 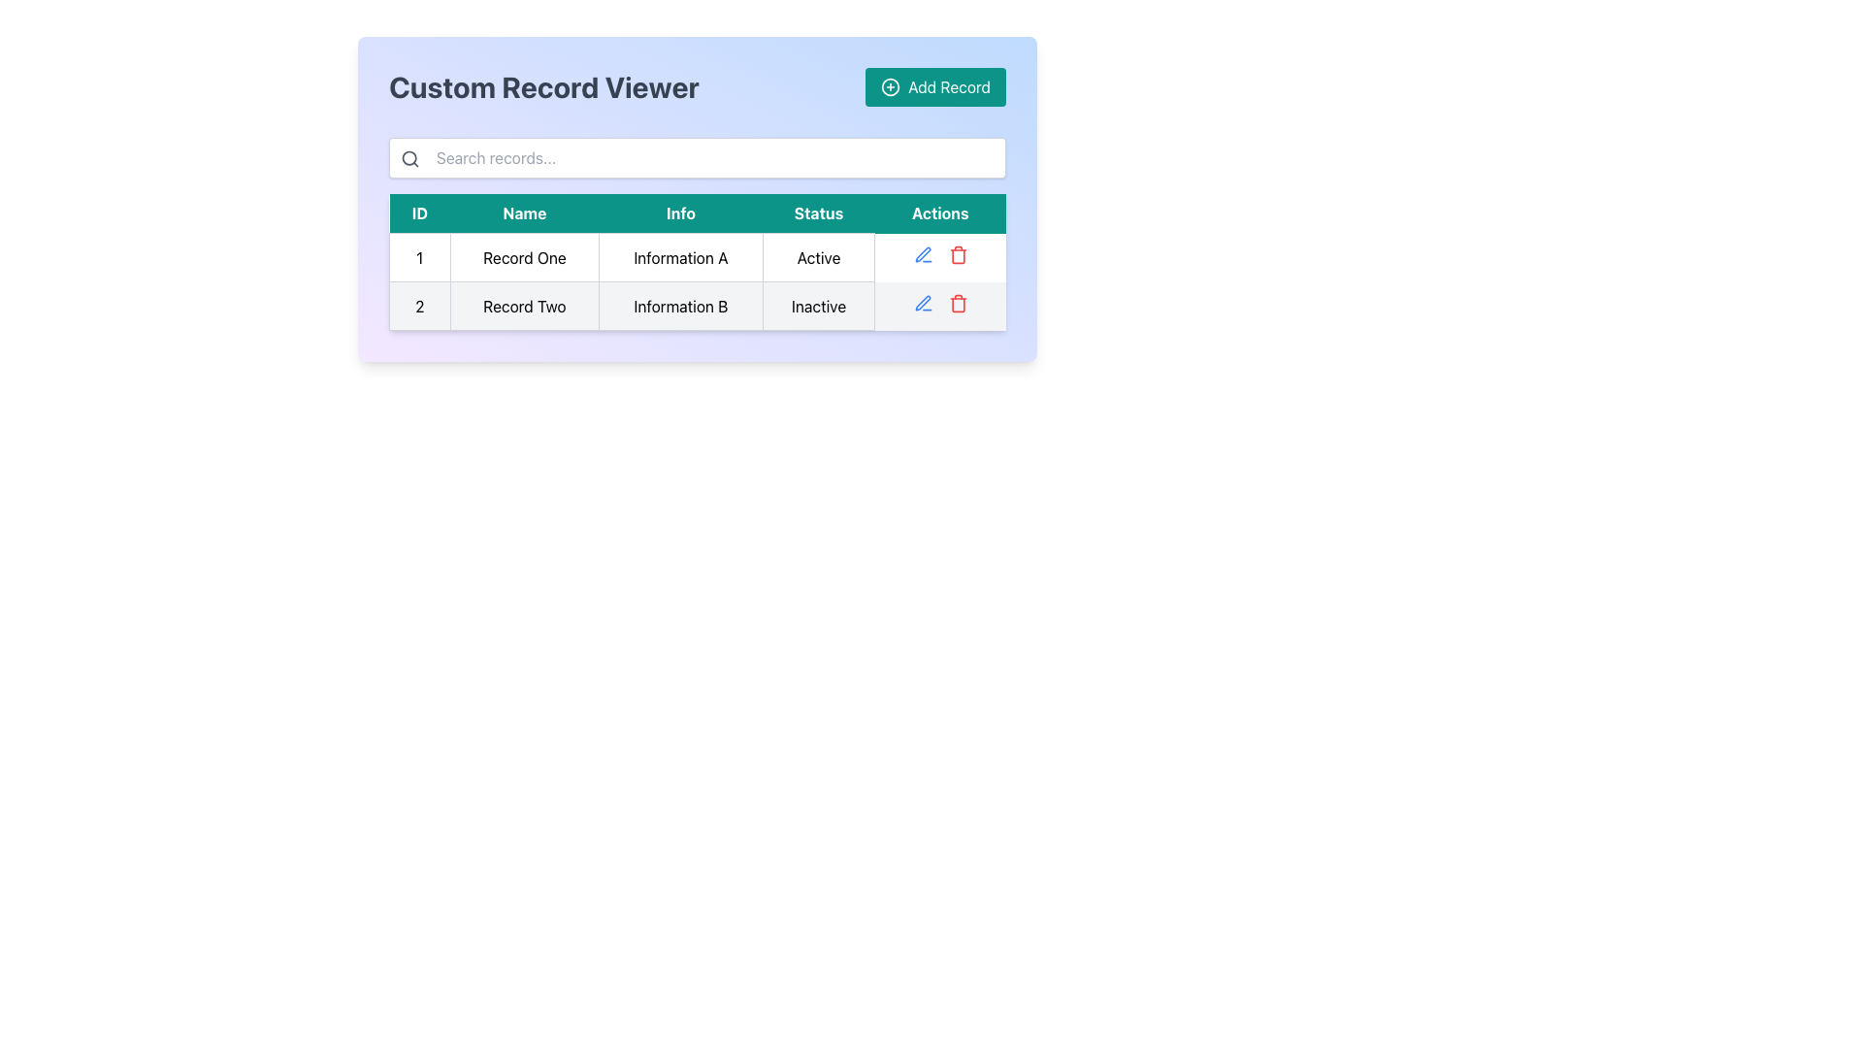 I want to click on the 'Info' label, which is a rectangular-shaped element with a white, capitalized font on a green background, positioned between the 'Name' and 'Status' labels at the top of the table, so click(x=680, y=213).